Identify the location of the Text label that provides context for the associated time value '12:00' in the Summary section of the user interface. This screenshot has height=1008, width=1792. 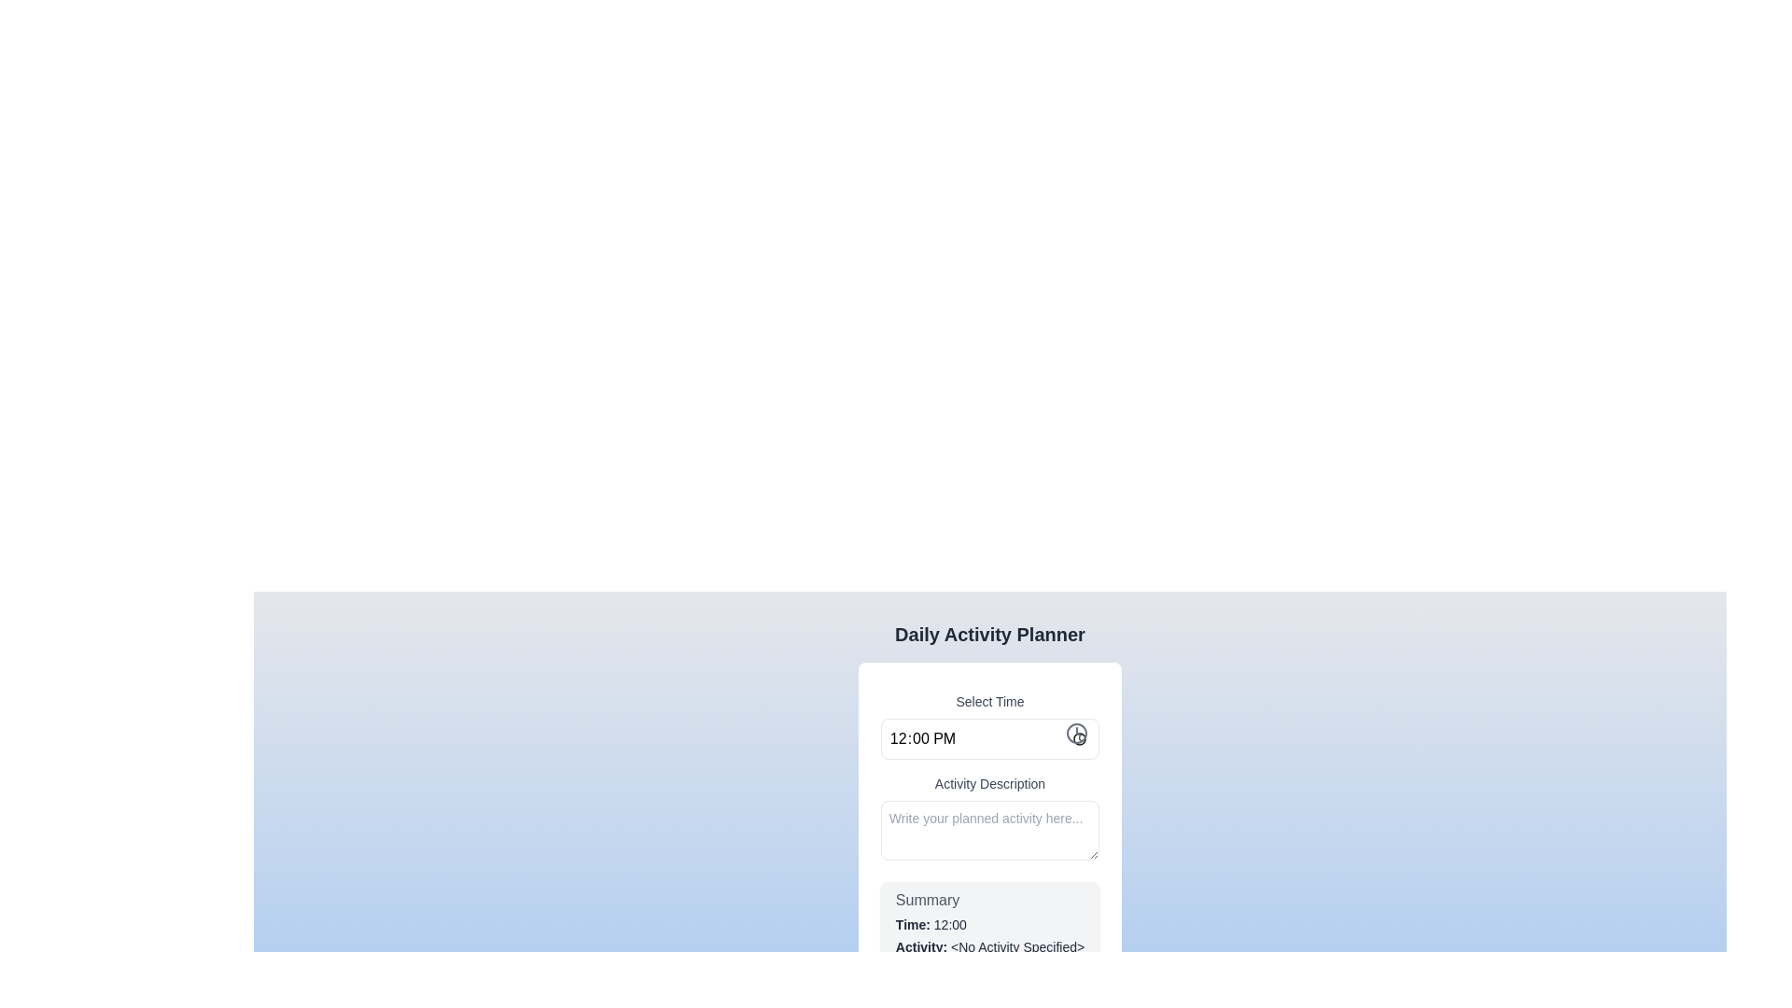
(915, 925).